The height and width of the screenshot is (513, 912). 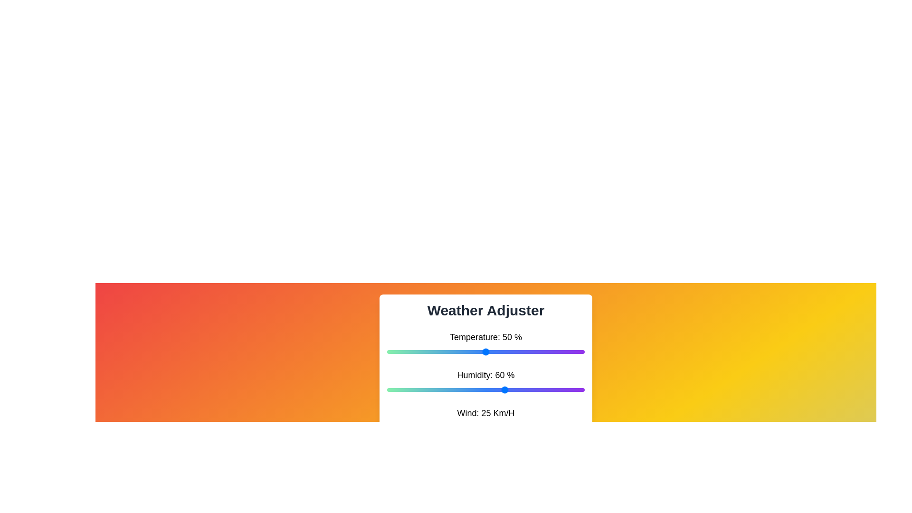 I want to click on the temperature slider to 53%, so click(x=492, y=351).